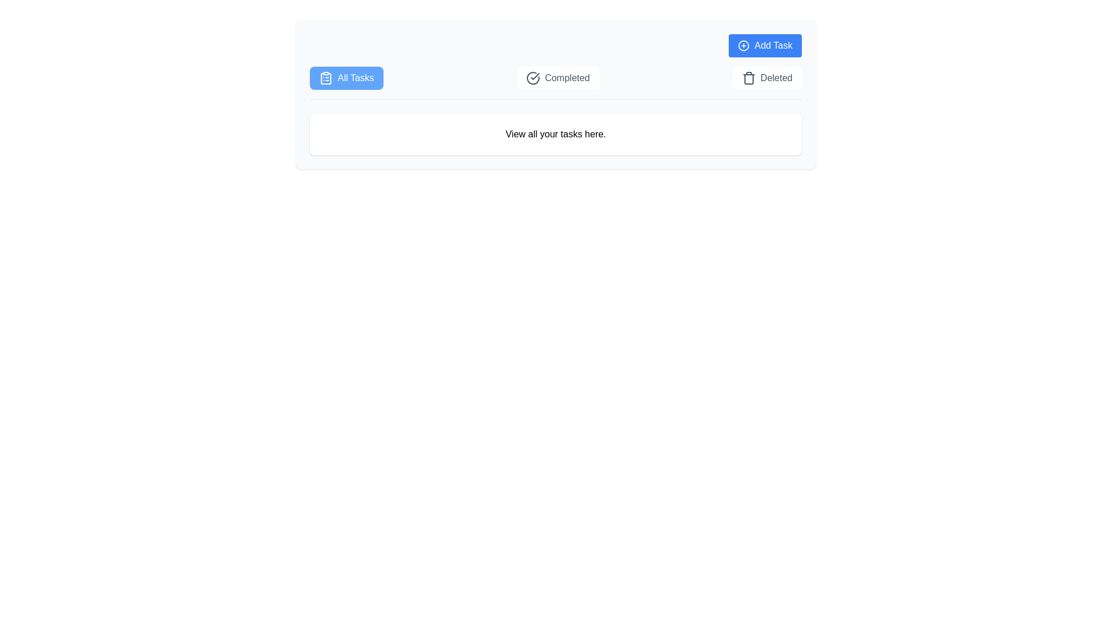  What do you see at coordinates (776, 78) in the screenshot?
I see `the text label that indicates a delete action, positioned on the right side of a trash can icon` at bounding box center [776, 78].